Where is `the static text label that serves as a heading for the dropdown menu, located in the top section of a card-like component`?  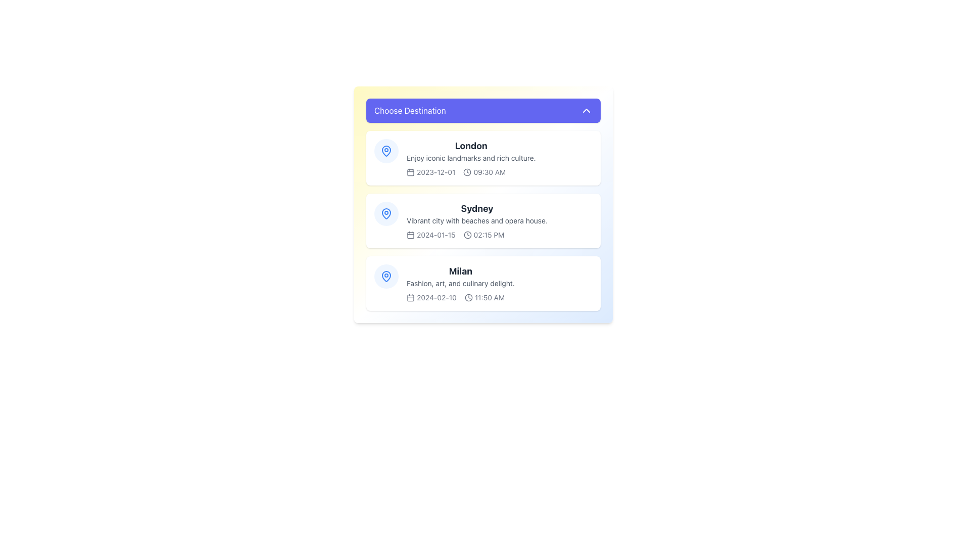
the static text label that serves as a heading for the dropdown menu, located in the top section of a card-like component is located at coordinates (410, 111).